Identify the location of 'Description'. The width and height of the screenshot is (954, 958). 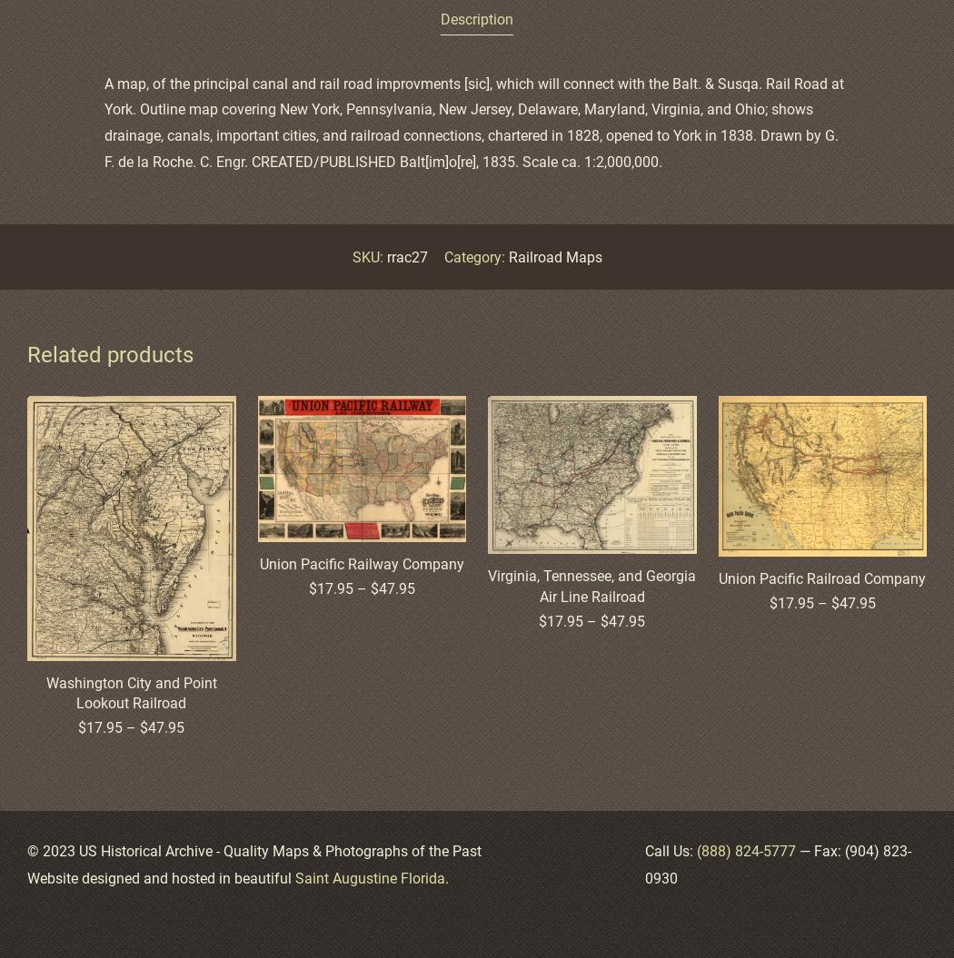
(477, 18).